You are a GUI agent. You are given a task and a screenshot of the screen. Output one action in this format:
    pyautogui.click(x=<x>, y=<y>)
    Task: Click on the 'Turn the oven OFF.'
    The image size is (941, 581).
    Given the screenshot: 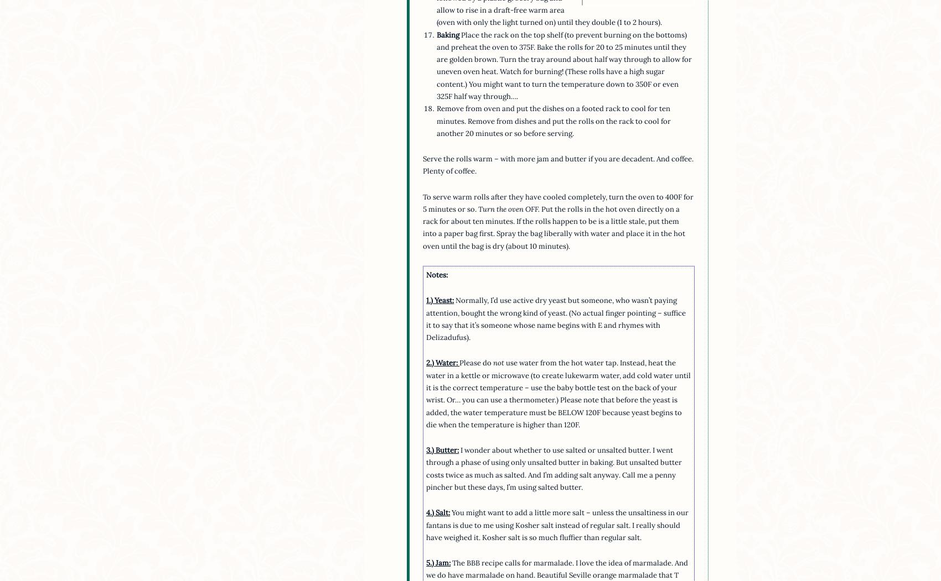 What is the action you would take?
    pyautogui.click(x=509, y=208)
    